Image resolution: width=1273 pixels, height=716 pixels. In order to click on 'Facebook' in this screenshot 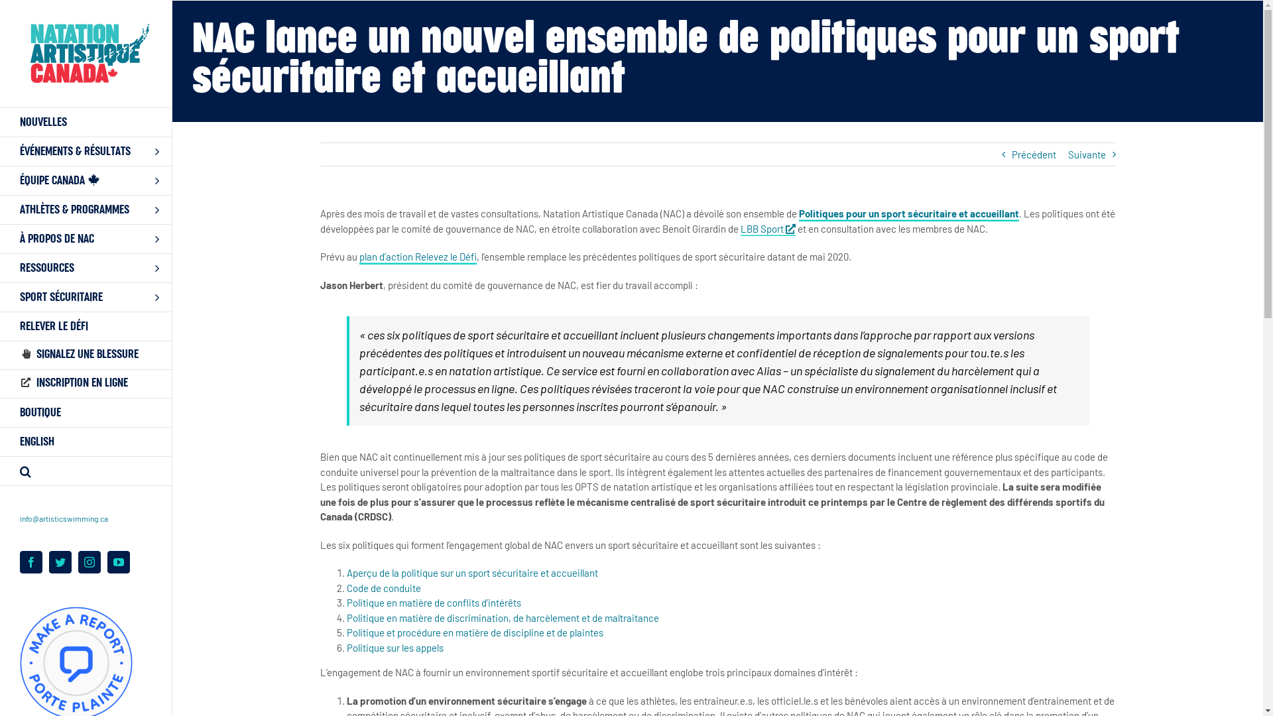, I will do `click(31, 562)`.